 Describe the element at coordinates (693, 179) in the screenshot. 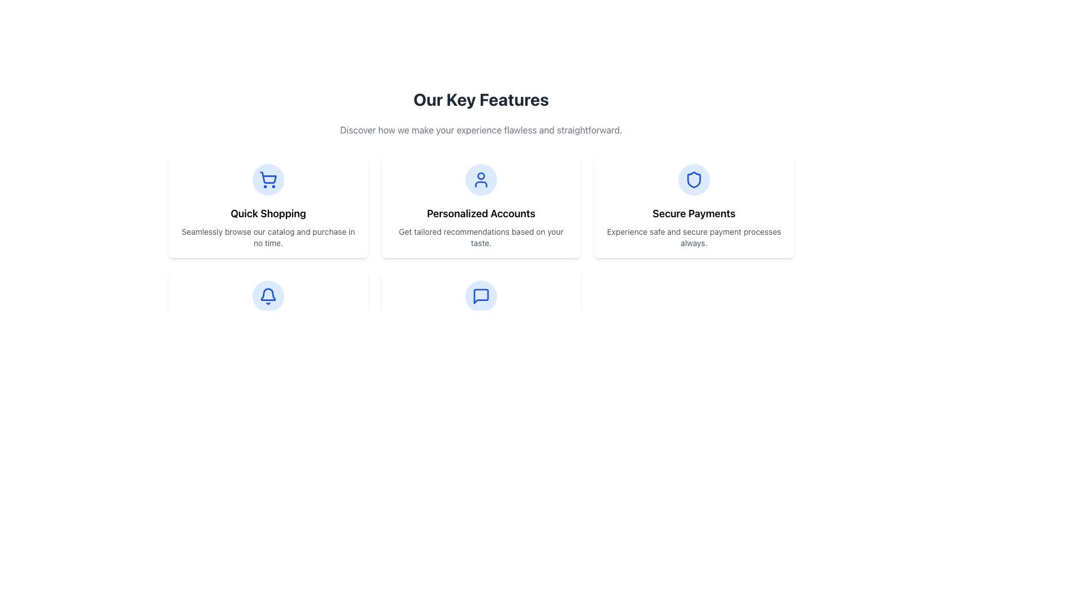

I see `the shield-shaped icon outlined in blue, located at the top-center of the 'Secure Payments' feature card` at that location.